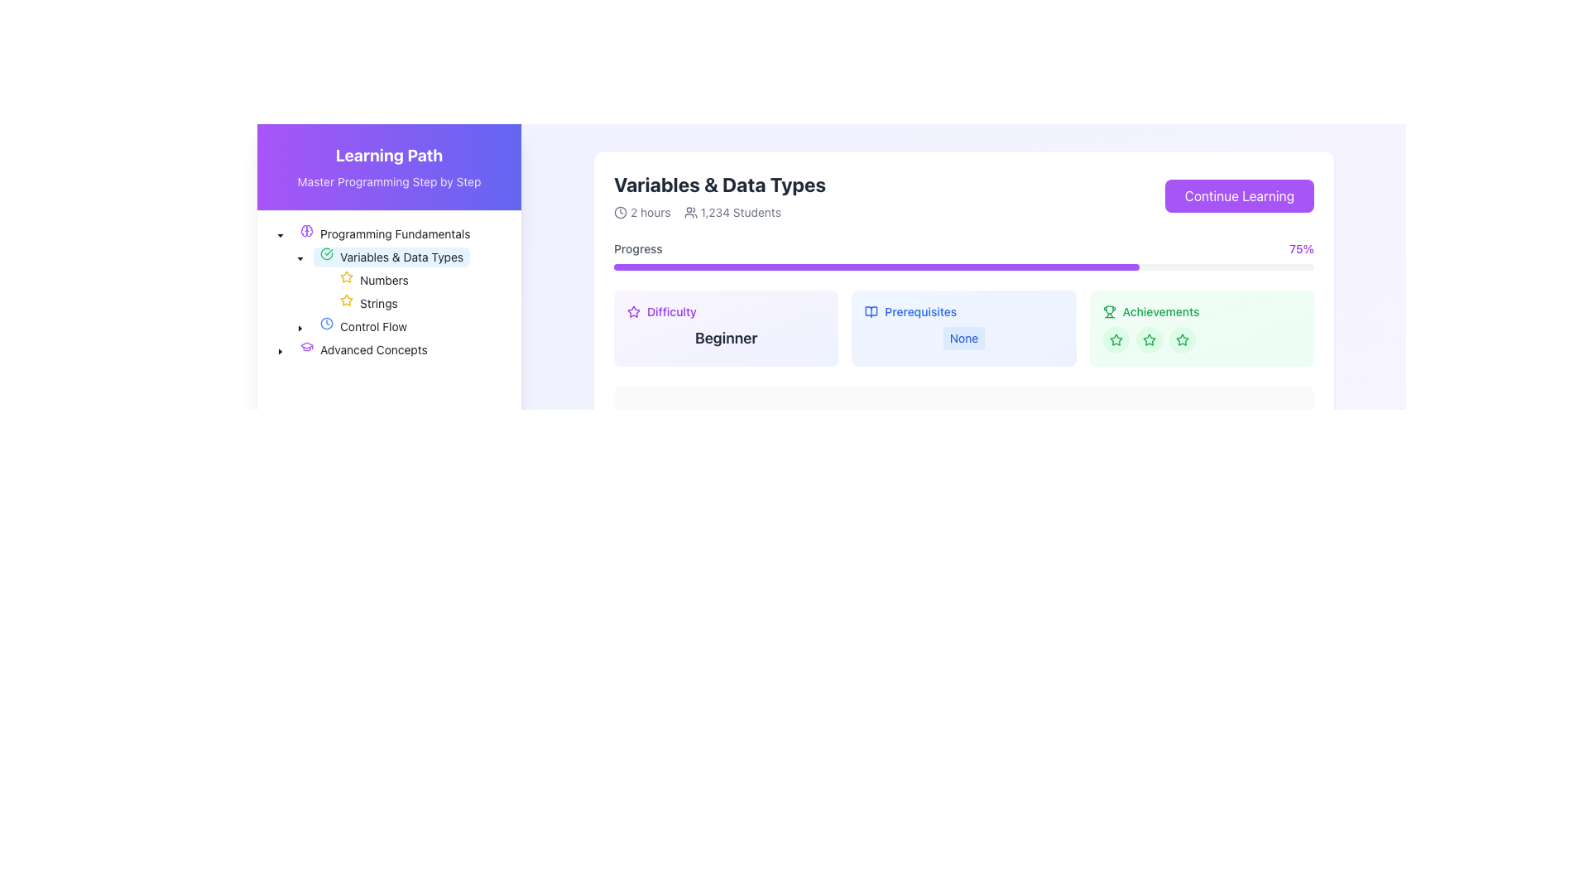 The height and width of the screenshot is (894, 1589). What do you see at coordinates (290, 280) in the screenshot?
I see `the indentation marker located to the left of the 'Numbers' node in the tree structure, indicating its hierarchical level` at bounding box center [290, 280].